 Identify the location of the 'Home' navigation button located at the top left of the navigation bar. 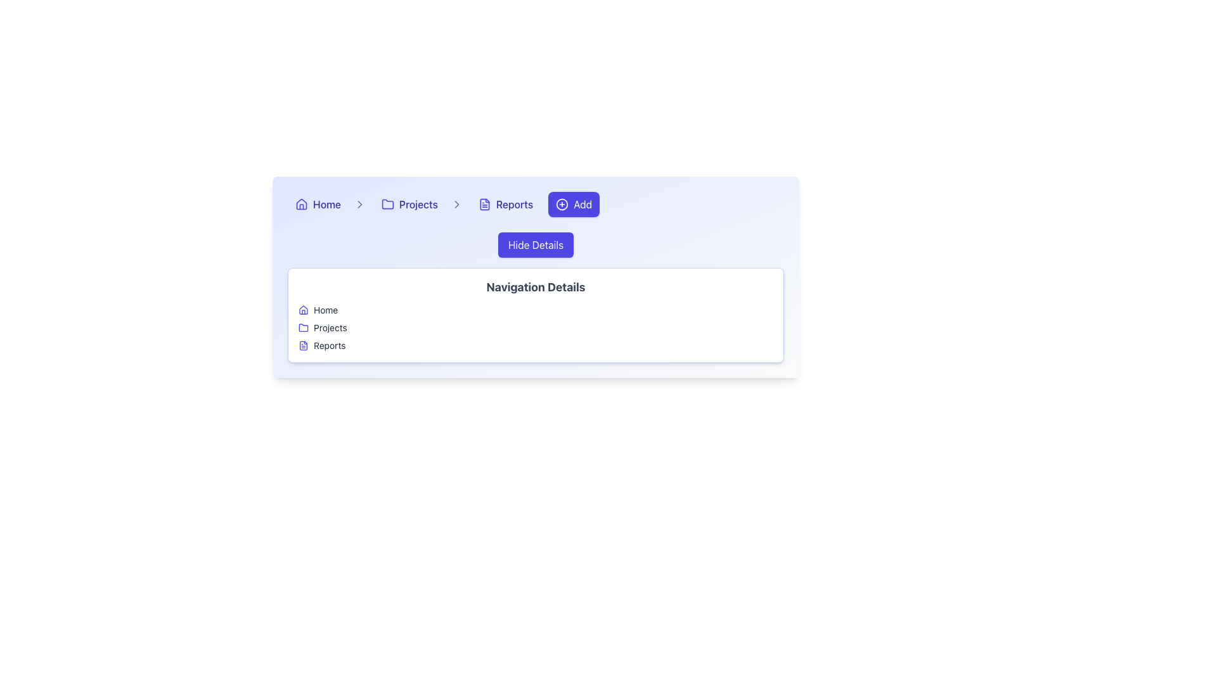
(326, 204).